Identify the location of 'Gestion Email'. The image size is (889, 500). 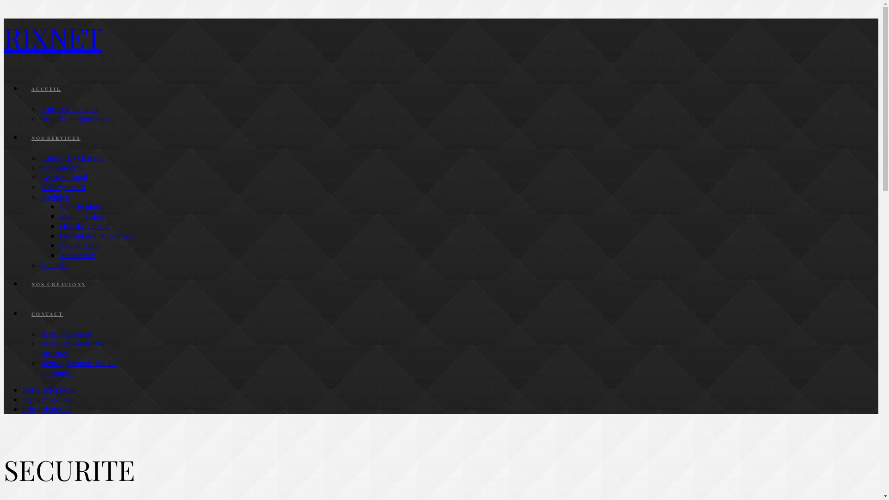
(64, 177).